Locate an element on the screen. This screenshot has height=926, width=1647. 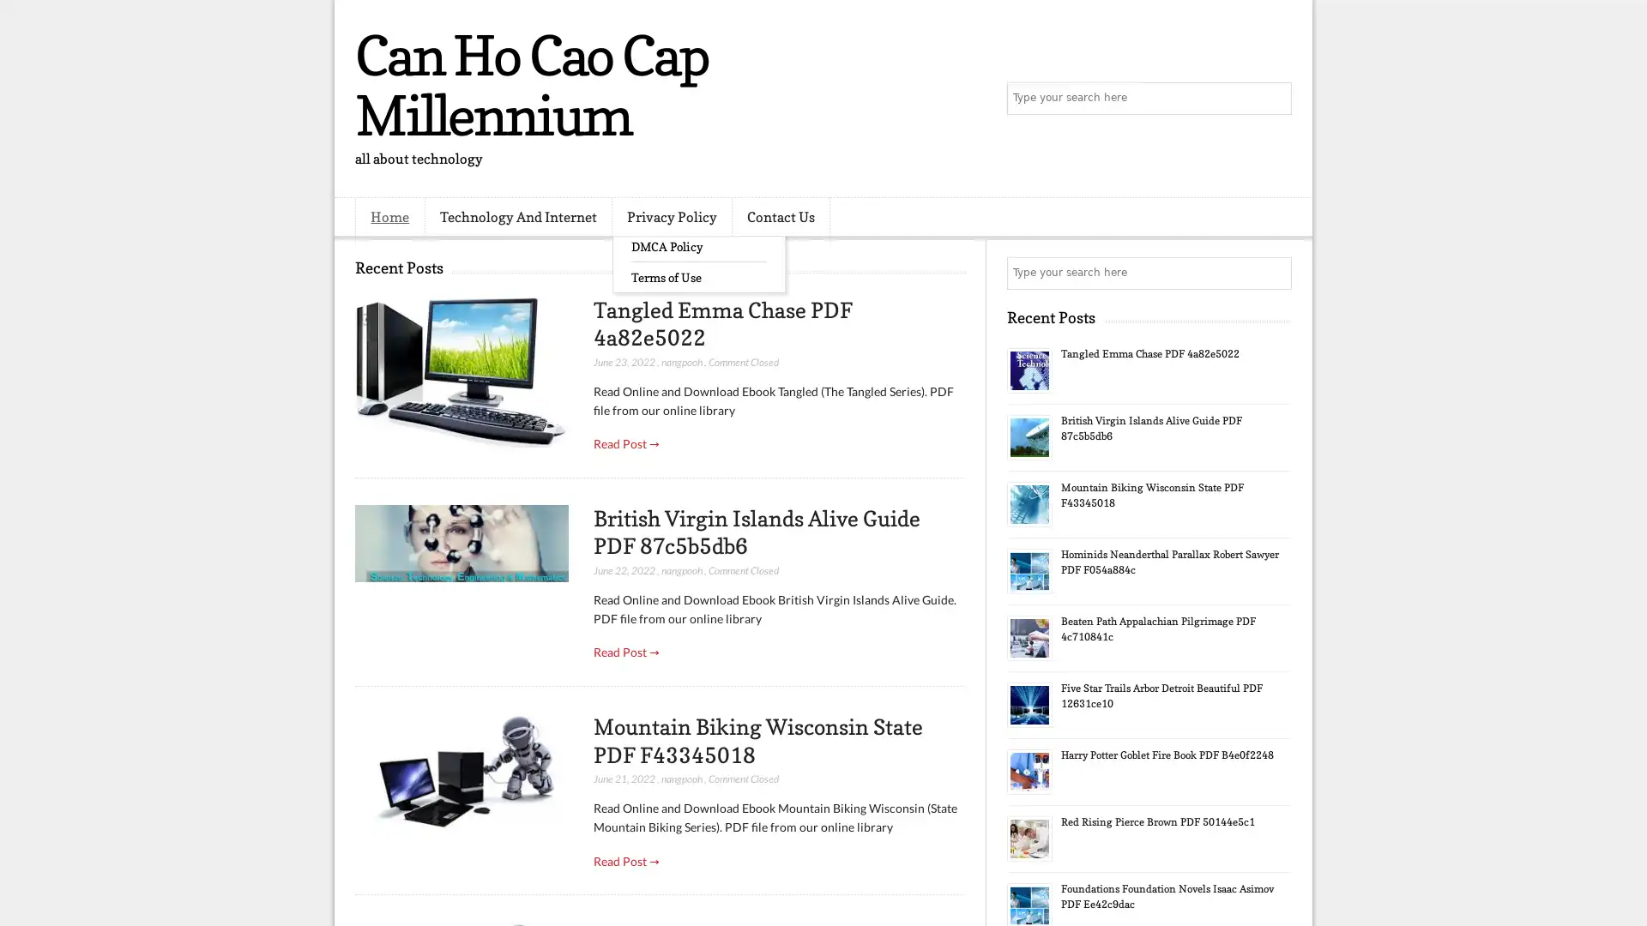
Search is located at coordinates (1274, 273).